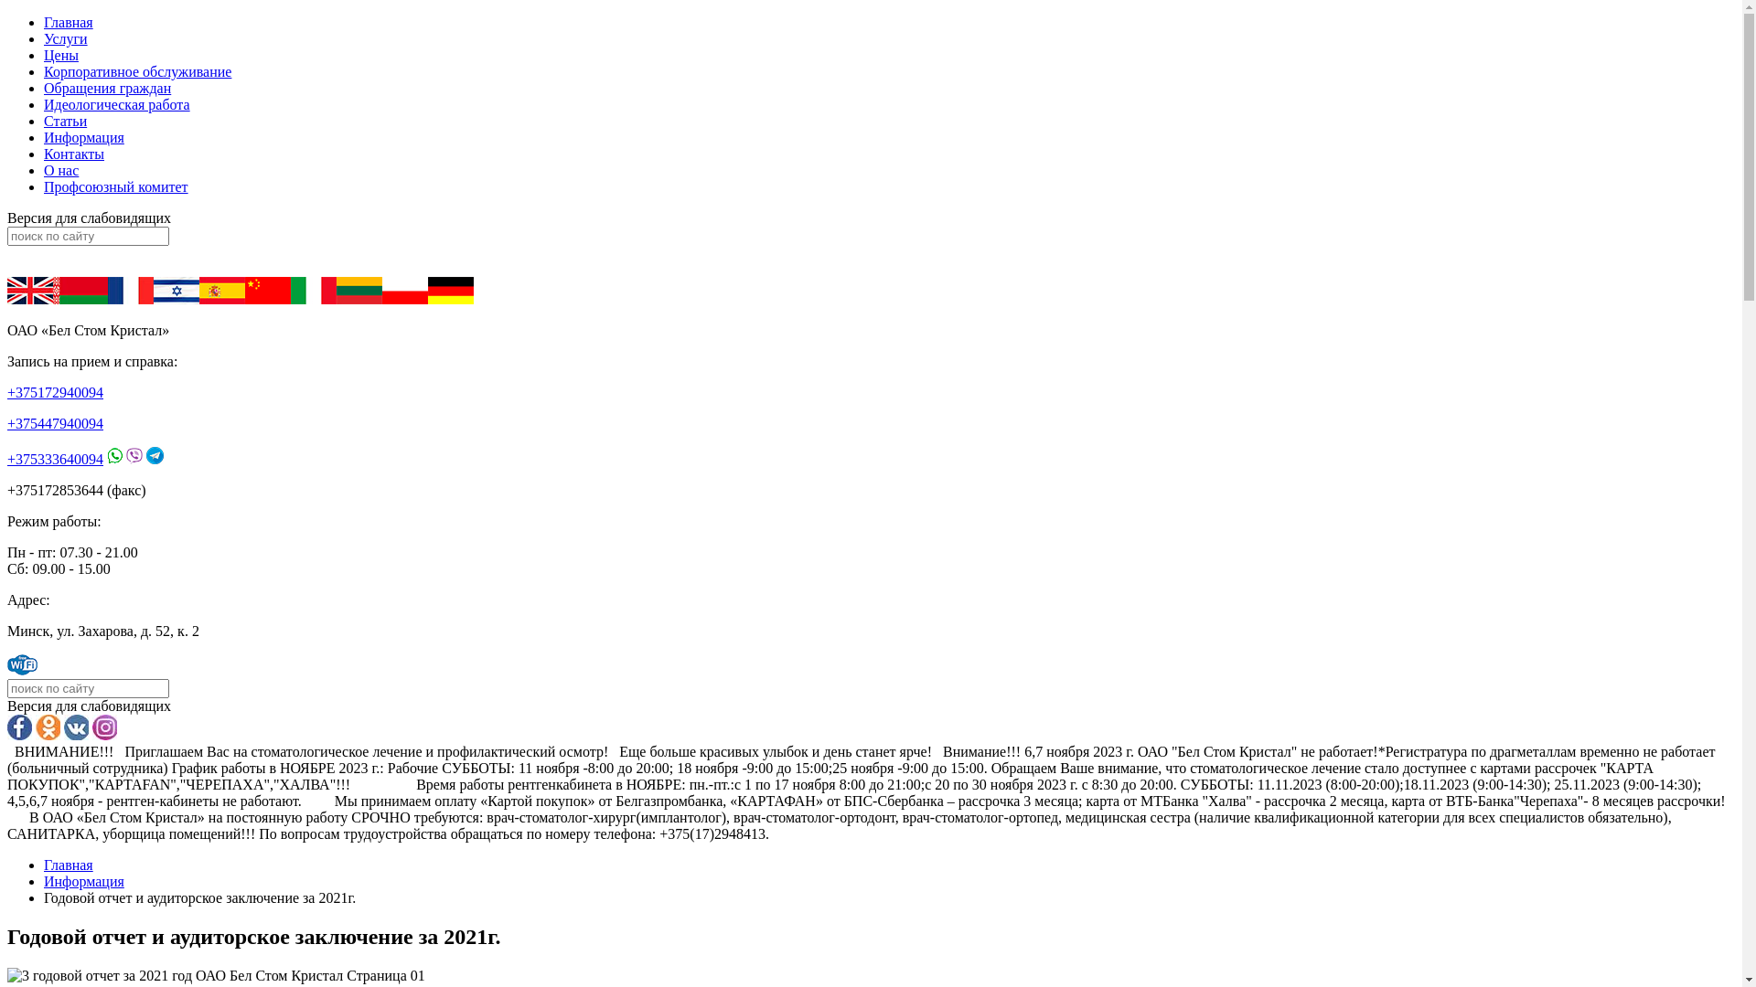 The height and width of the screenshot is (987, 1756). Describe the element at coordinates (55, 391) in the screenshot. I see `'+375172940094'` at that location.